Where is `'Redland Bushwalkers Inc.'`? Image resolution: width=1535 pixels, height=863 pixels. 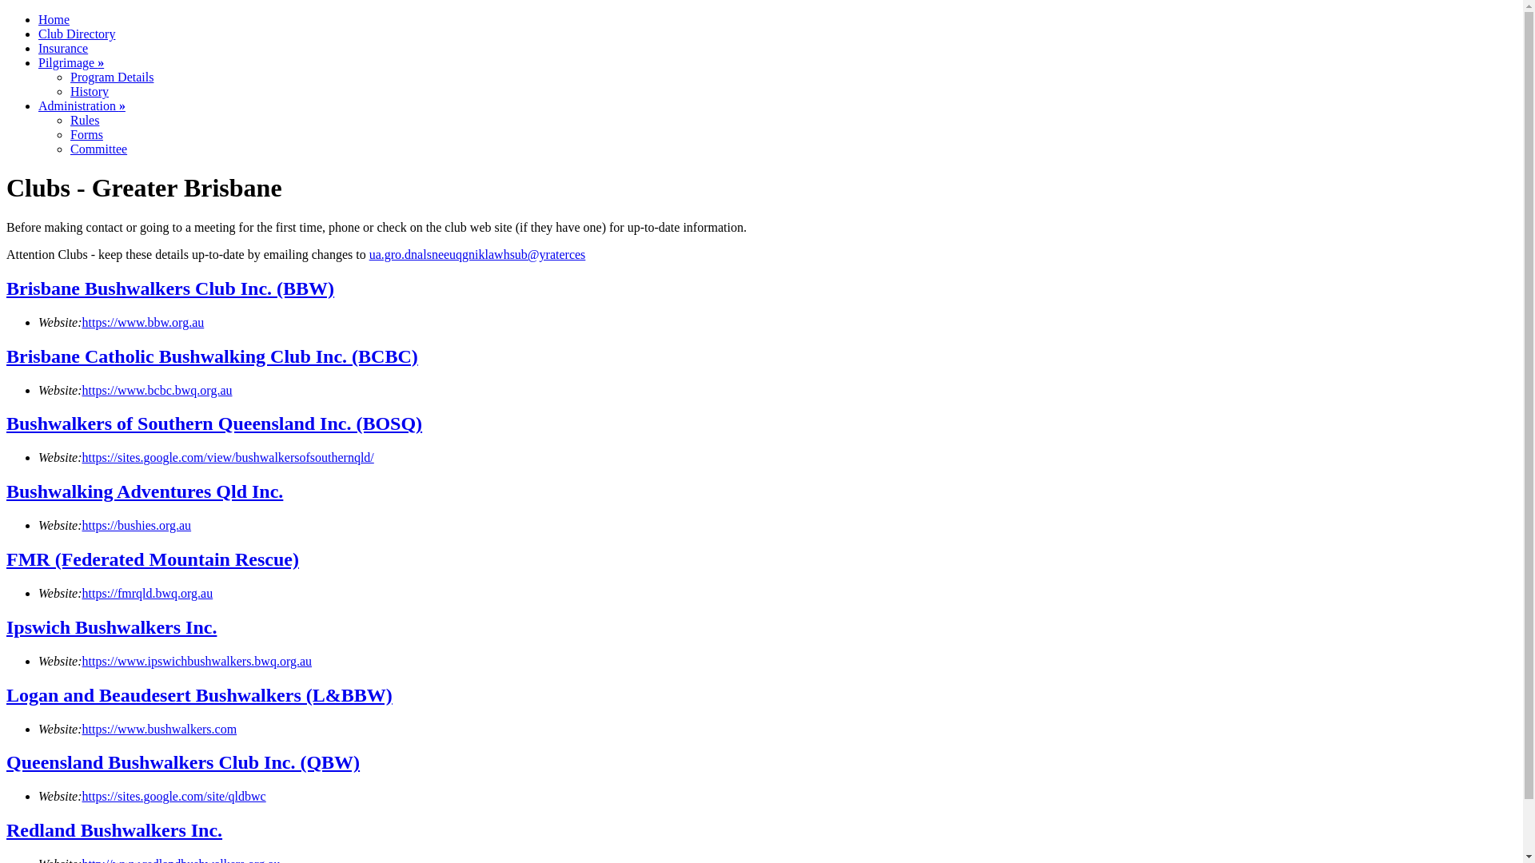
'Redland Bushwalkers Inc.' is located at coordinates (114, 829).